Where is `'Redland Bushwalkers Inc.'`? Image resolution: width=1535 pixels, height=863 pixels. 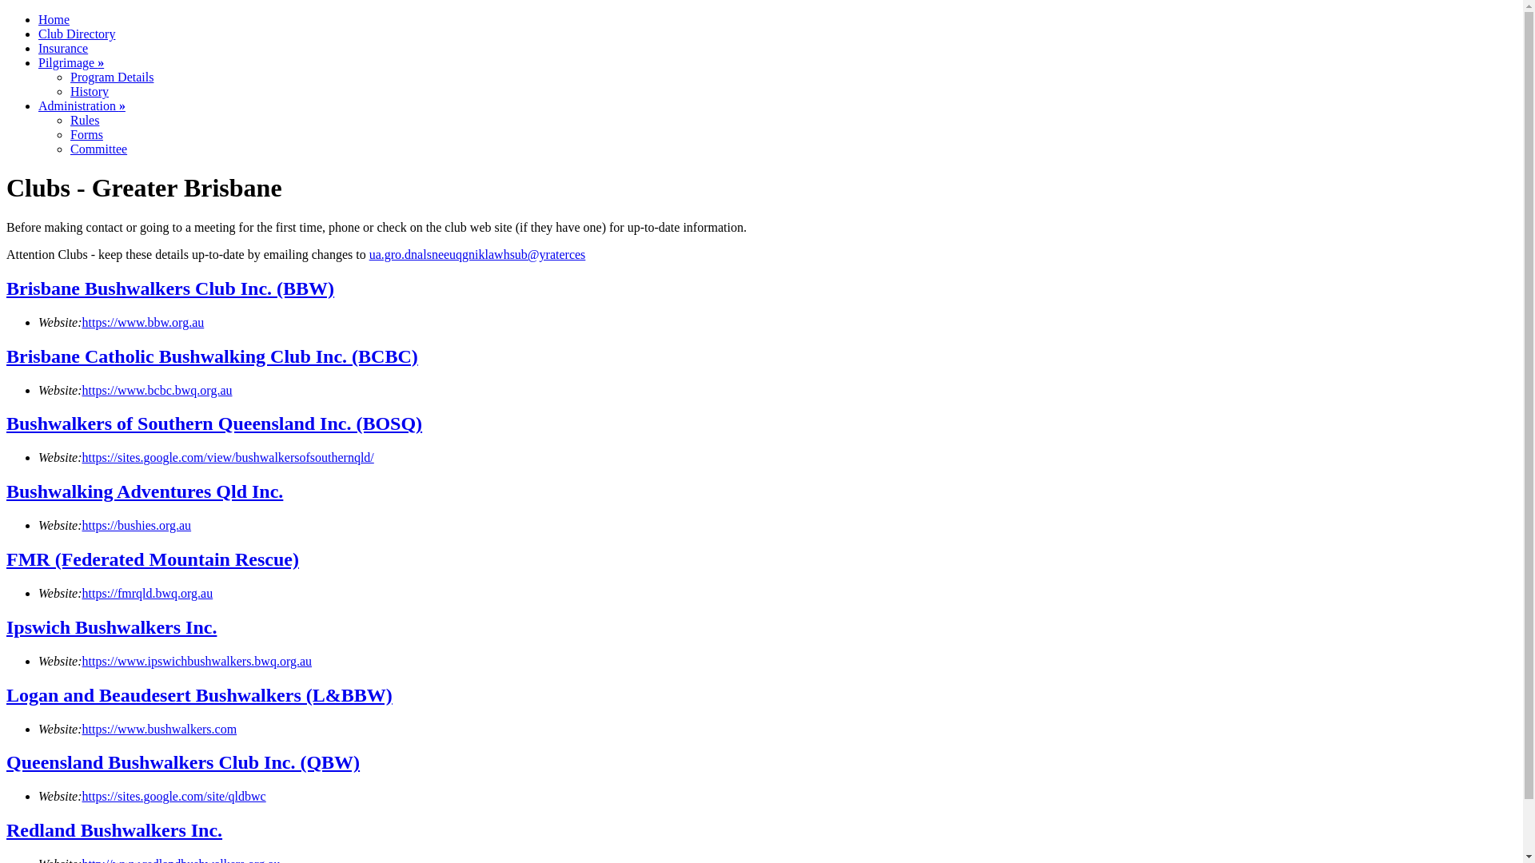
'Redland Bushwalkers Inc.' is located at coordinates (114, 829).